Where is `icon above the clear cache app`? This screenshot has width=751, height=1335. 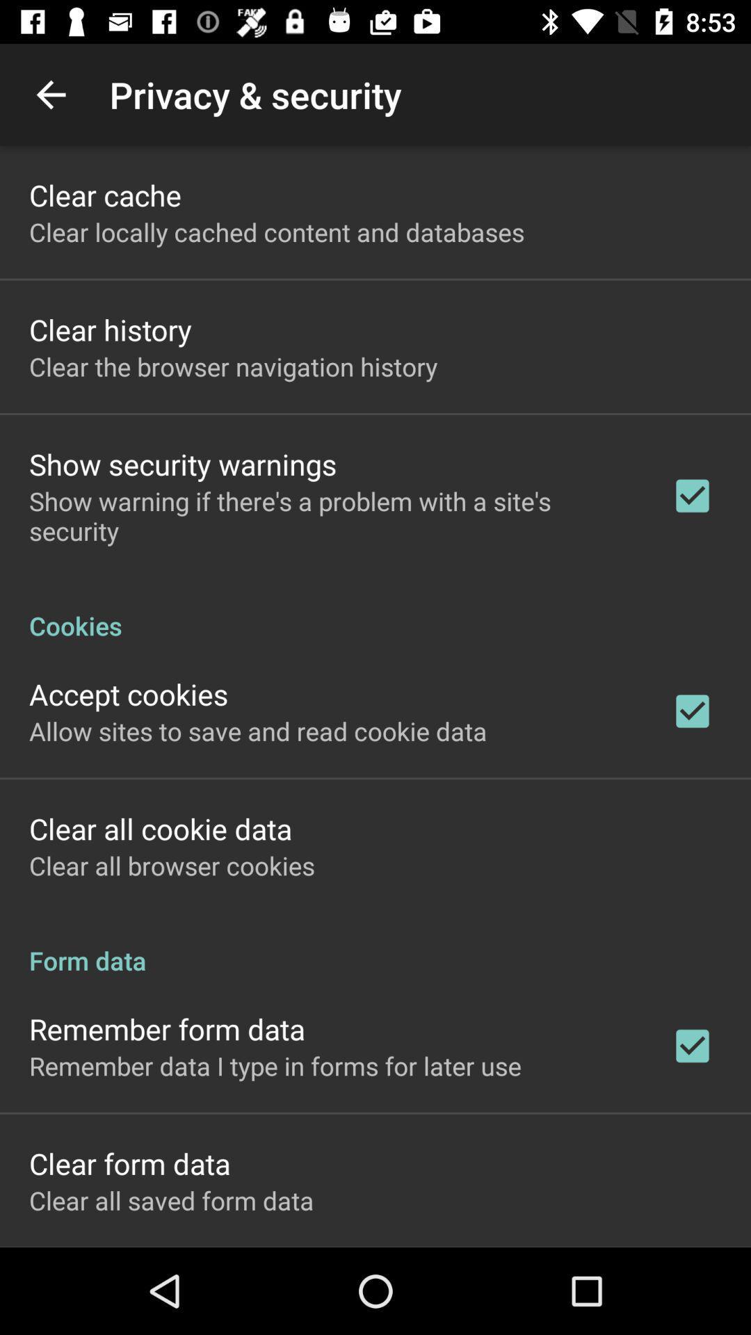 icon above the clear cache app is located at coordinates (50, 94).